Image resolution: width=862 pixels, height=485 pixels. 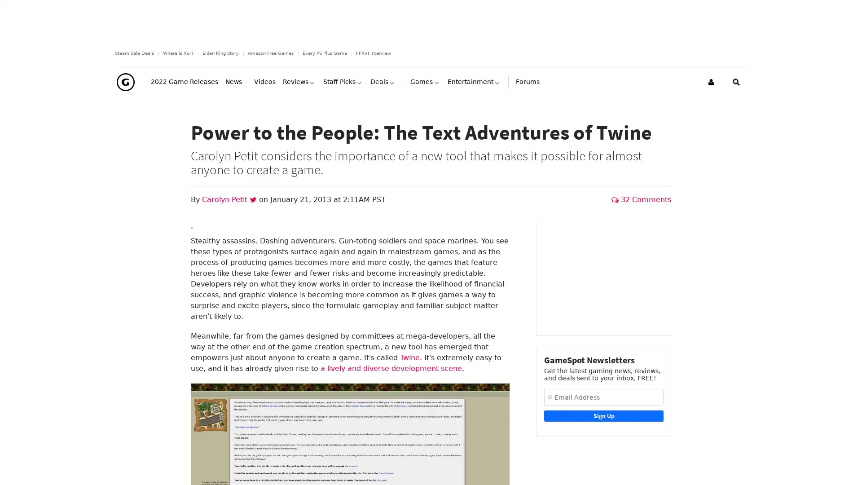 What do you see at coordinates (603, 419) in the screenshot?
I see `Sign Up` at bounding box center [603, 419].